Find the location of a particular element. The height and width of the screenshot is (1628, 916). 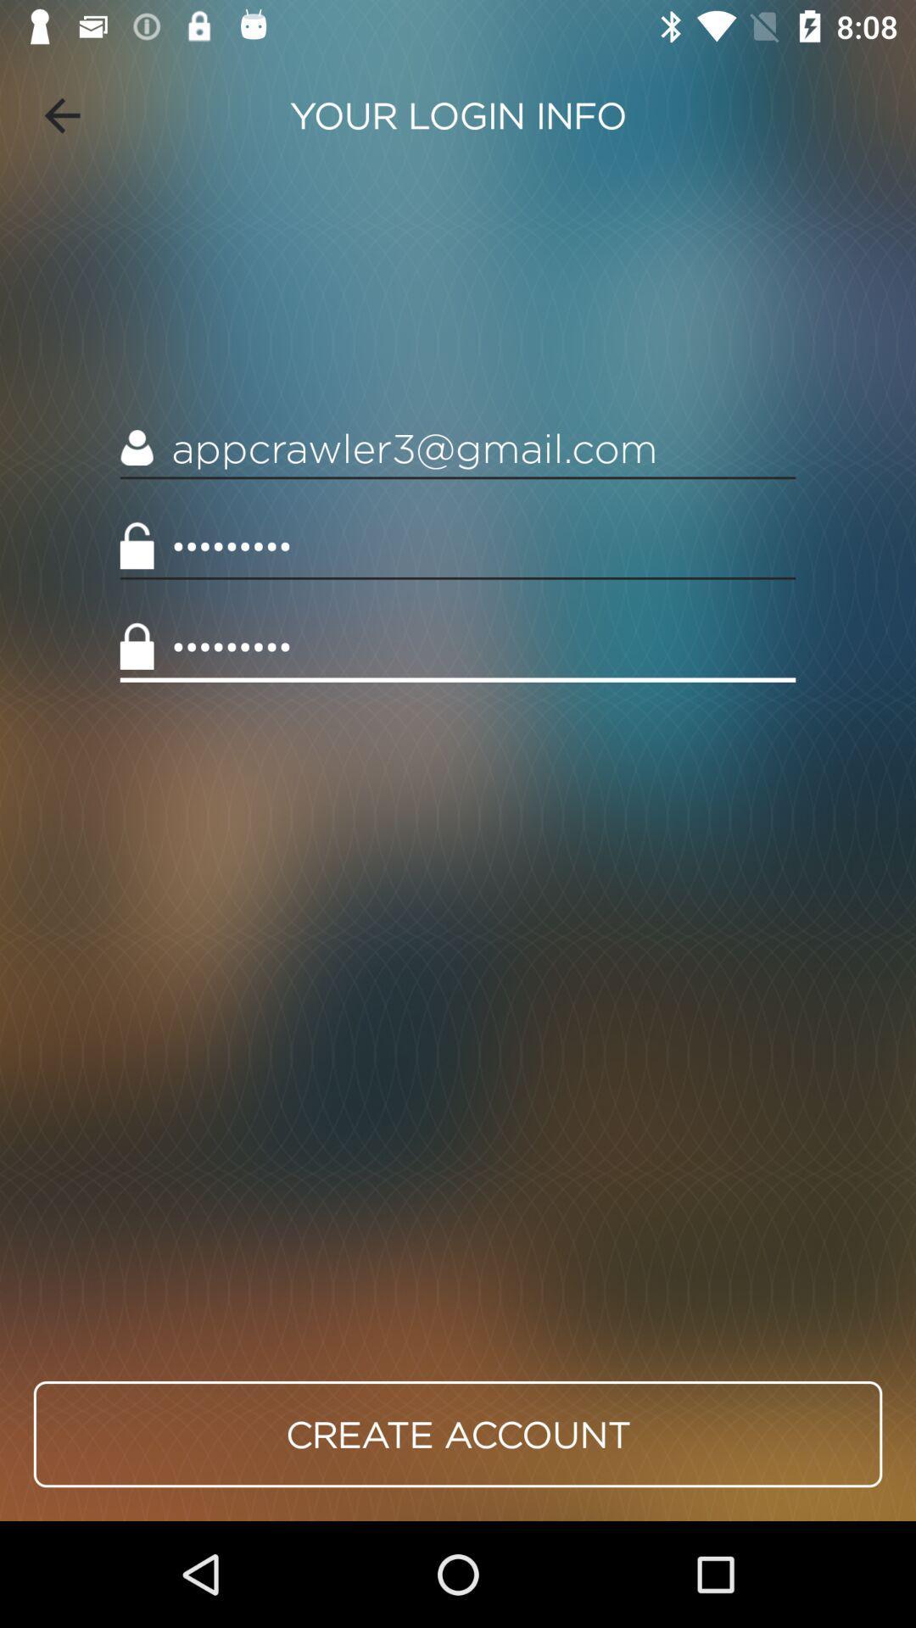

the item above crowd3116 is located at coordinates (458, 449).